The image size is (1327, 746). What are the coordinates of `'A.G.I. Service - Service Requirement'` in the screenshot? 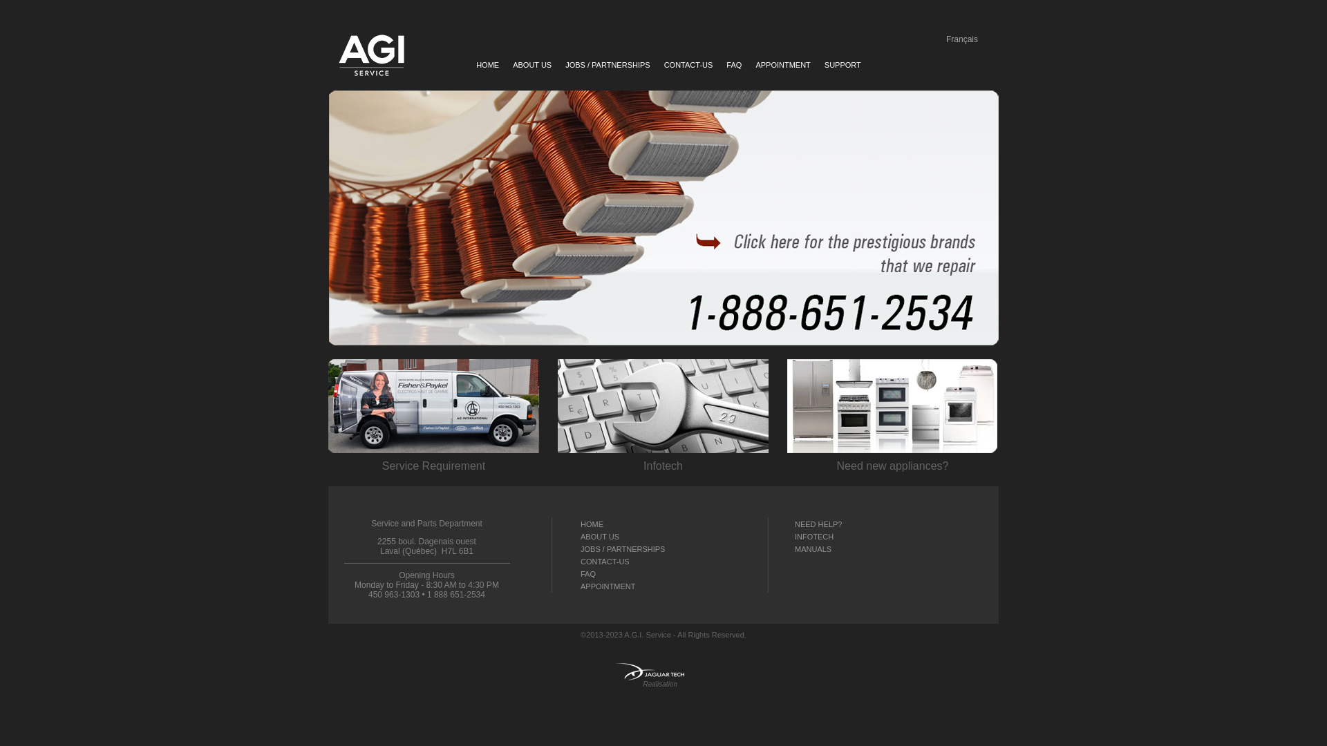 It's located at (433, 405).